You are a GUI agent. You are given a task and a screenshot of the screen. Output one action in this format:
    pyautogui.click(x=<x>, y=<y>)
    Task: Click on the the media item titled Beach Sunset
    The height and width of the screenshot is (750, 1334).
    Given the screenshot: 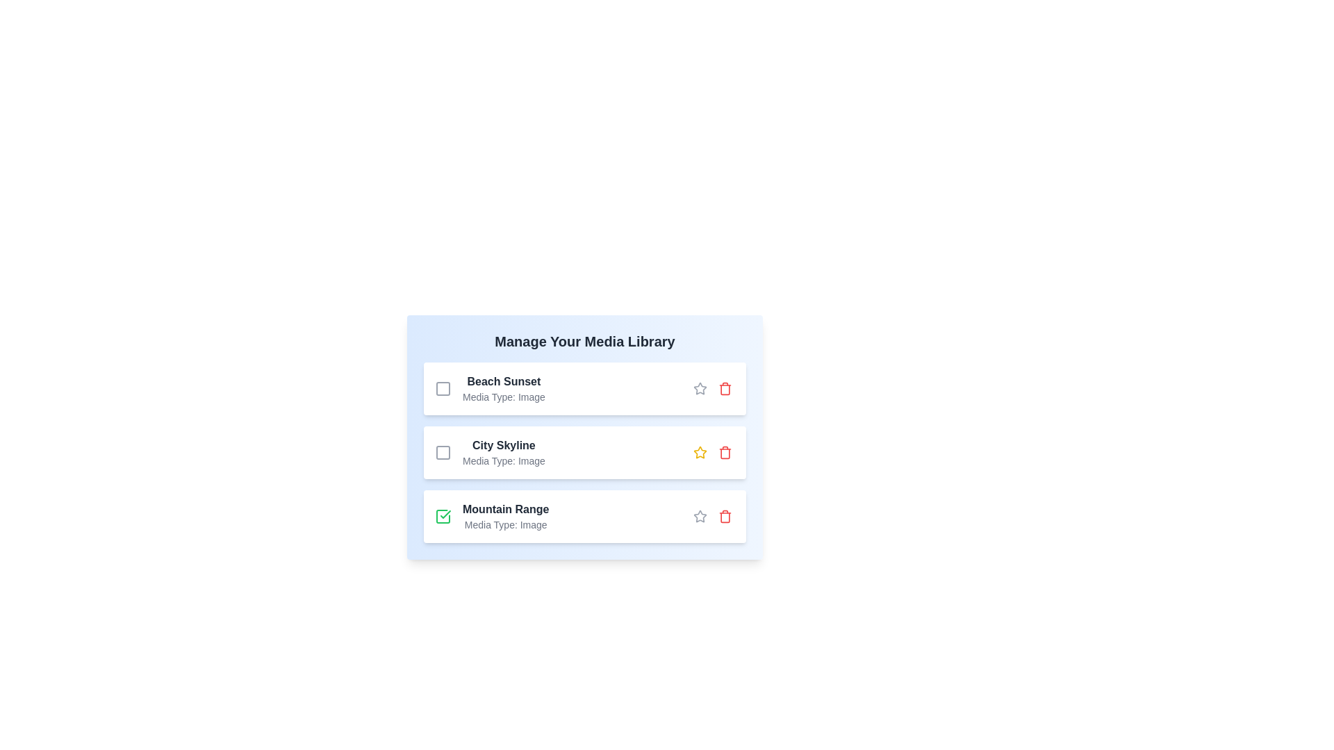 What is the action you would take?
    pyautogui.click(x=443, y=388)
    